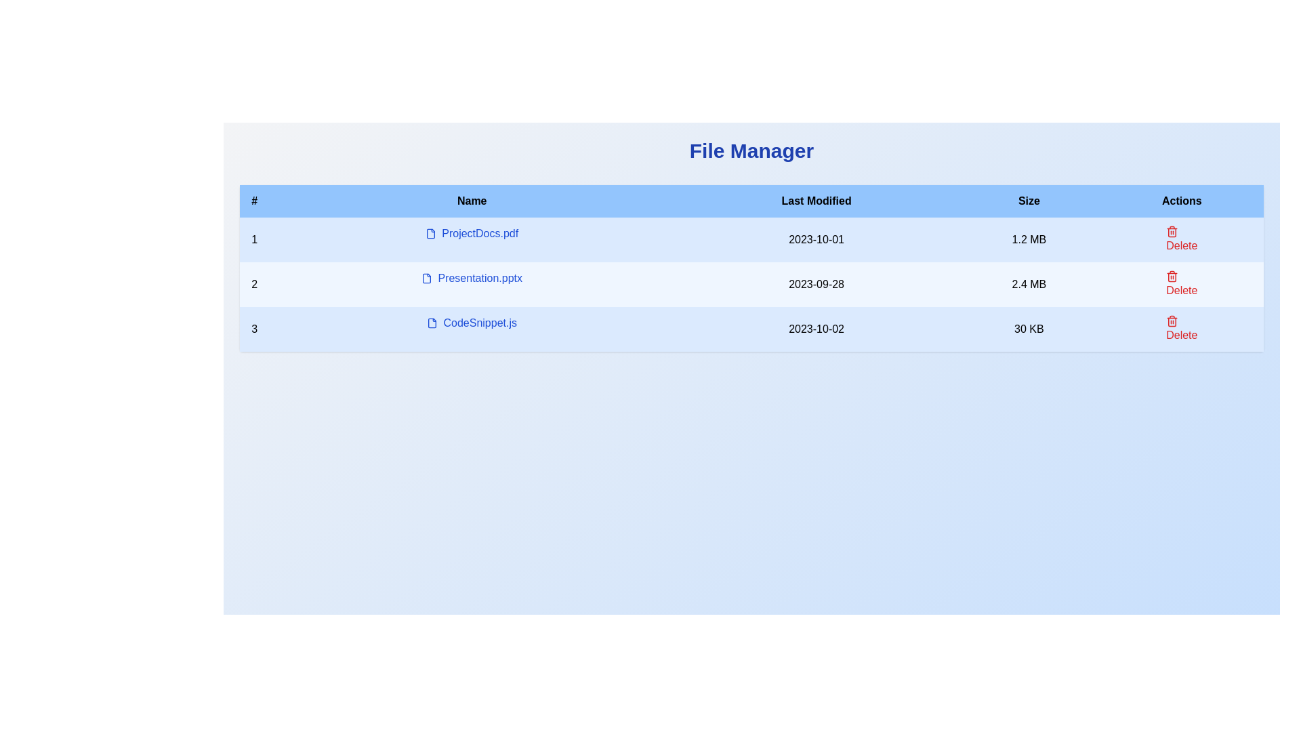  Describe the element at coordinates (432, 323) in the screenshot. I see `the icon representing the file 'CodeSnippet.js' located in the 'Name' column of the third row of the table` at that location.